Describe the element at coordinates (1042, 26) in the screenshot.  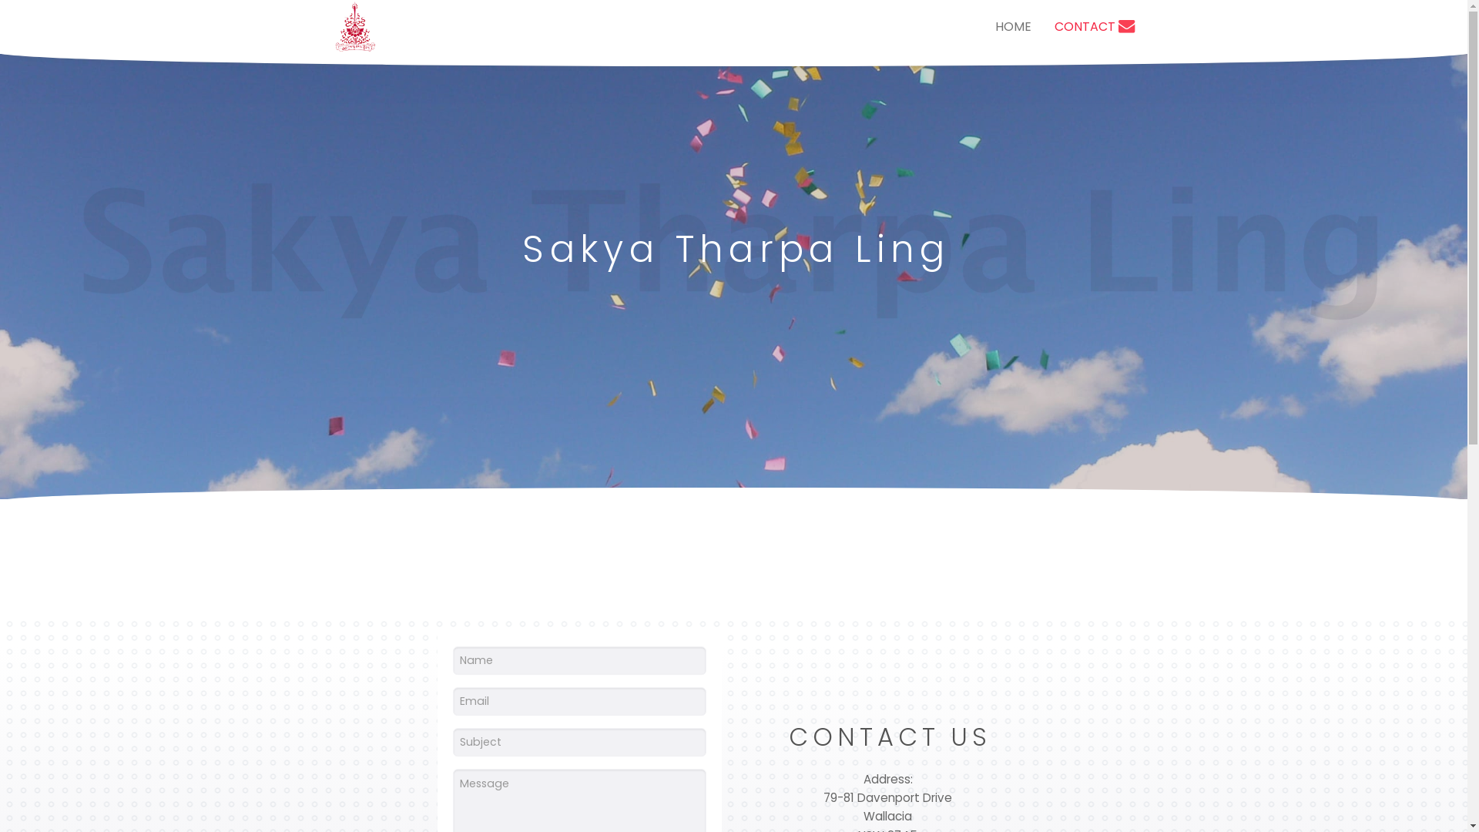
I see `'CONTACT'` at that location.